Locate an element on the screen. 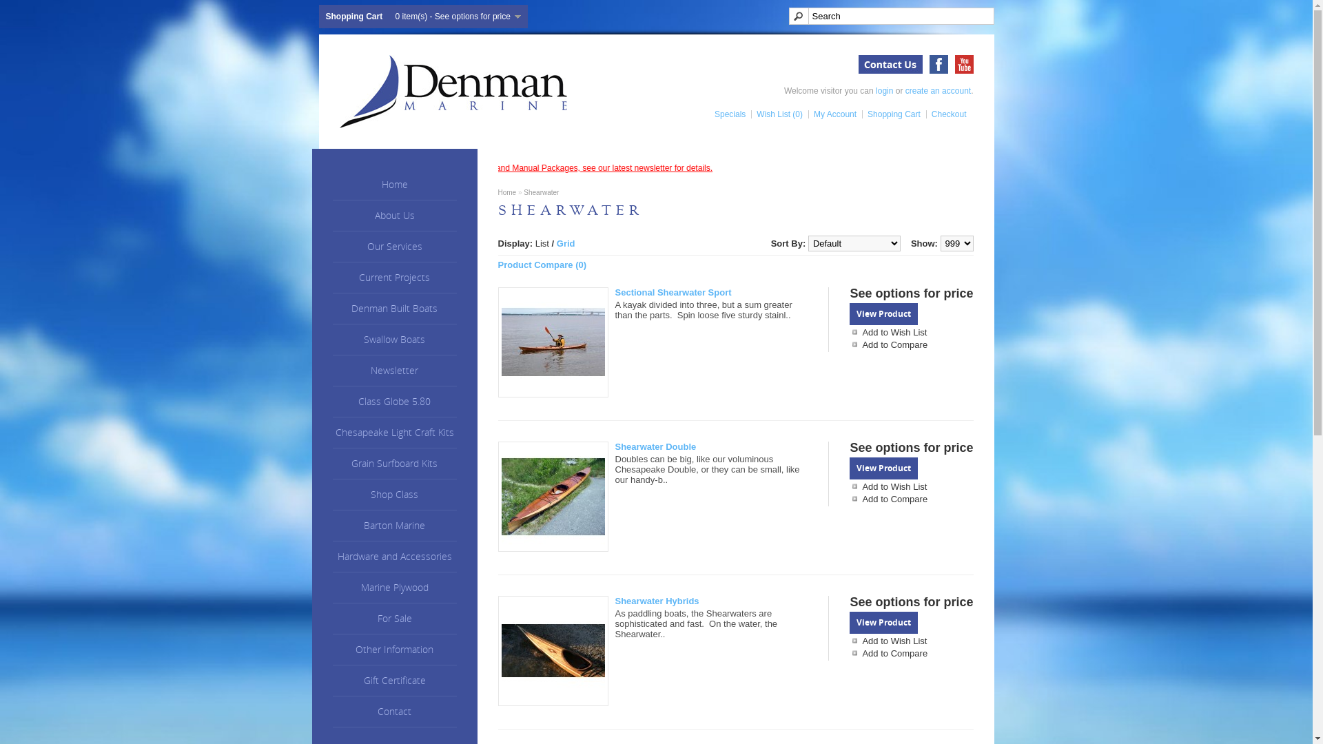 This screenshot has width=1323, height=744. 'Other Information' is located at coordinates (393, 650).